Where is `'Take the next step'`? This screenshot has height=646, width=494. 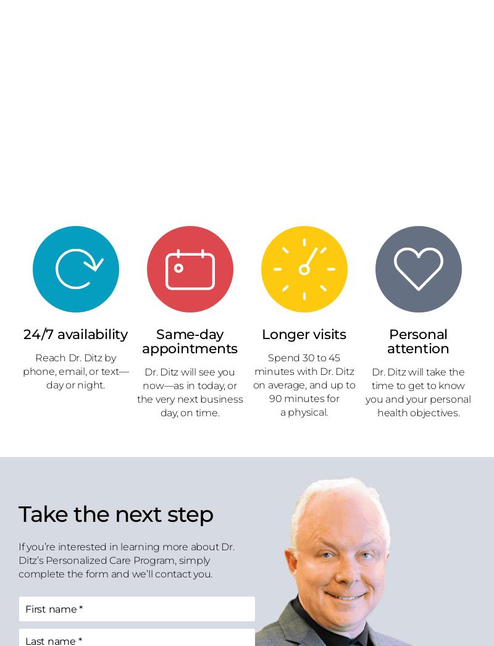
'Take the next step' is located at coordinates (115, 513).